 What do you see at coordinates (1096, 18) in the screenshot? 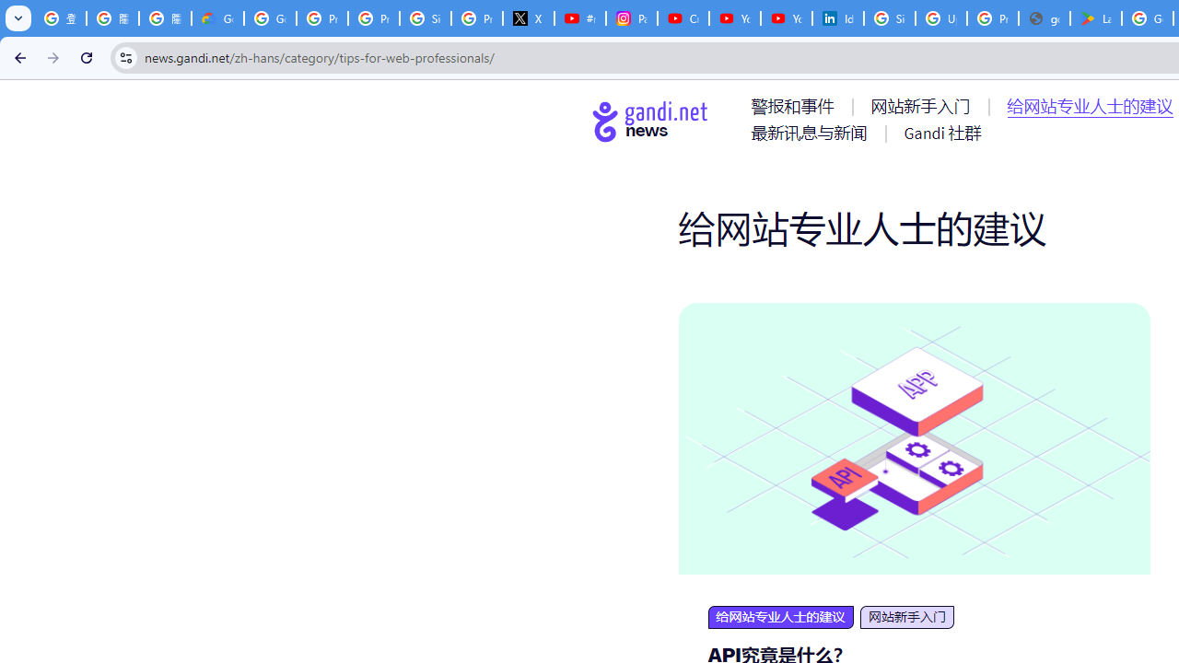
I see `'Last Shelter: Survival - Apps on Google Play'` at bounding box center [1096, 18].